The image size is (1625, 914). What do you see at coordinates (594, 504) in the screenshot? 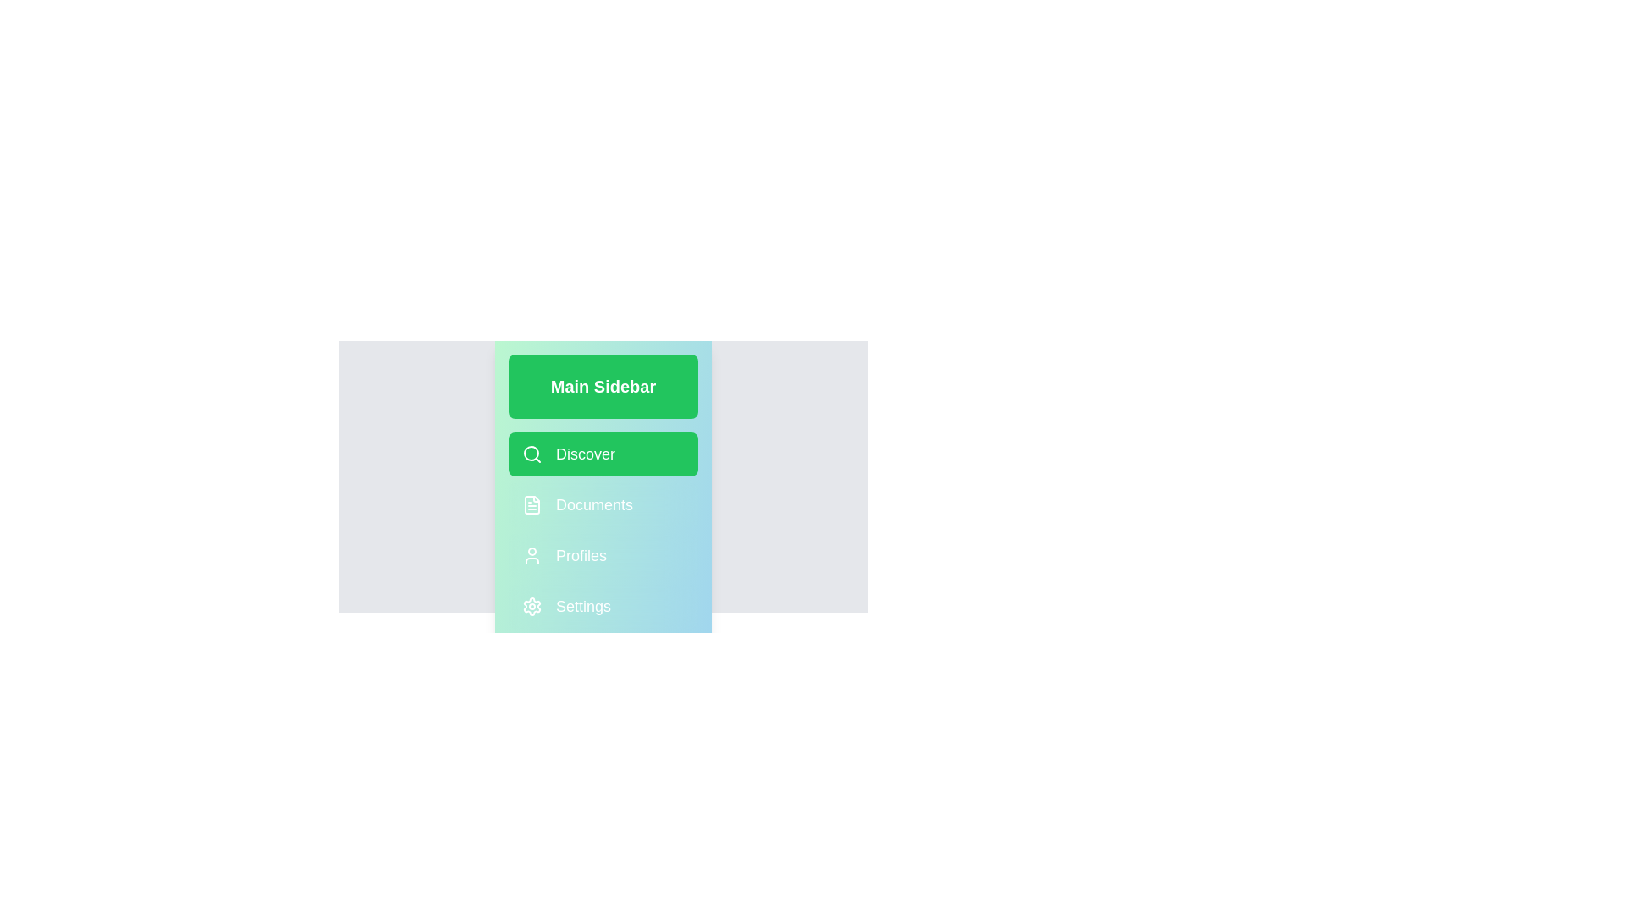
I see `the text label reading 'Documents', which is styled with a white font color and positioned in the vertical sidebar menu under the 'Discover' item` at bounding box center [594, 504].